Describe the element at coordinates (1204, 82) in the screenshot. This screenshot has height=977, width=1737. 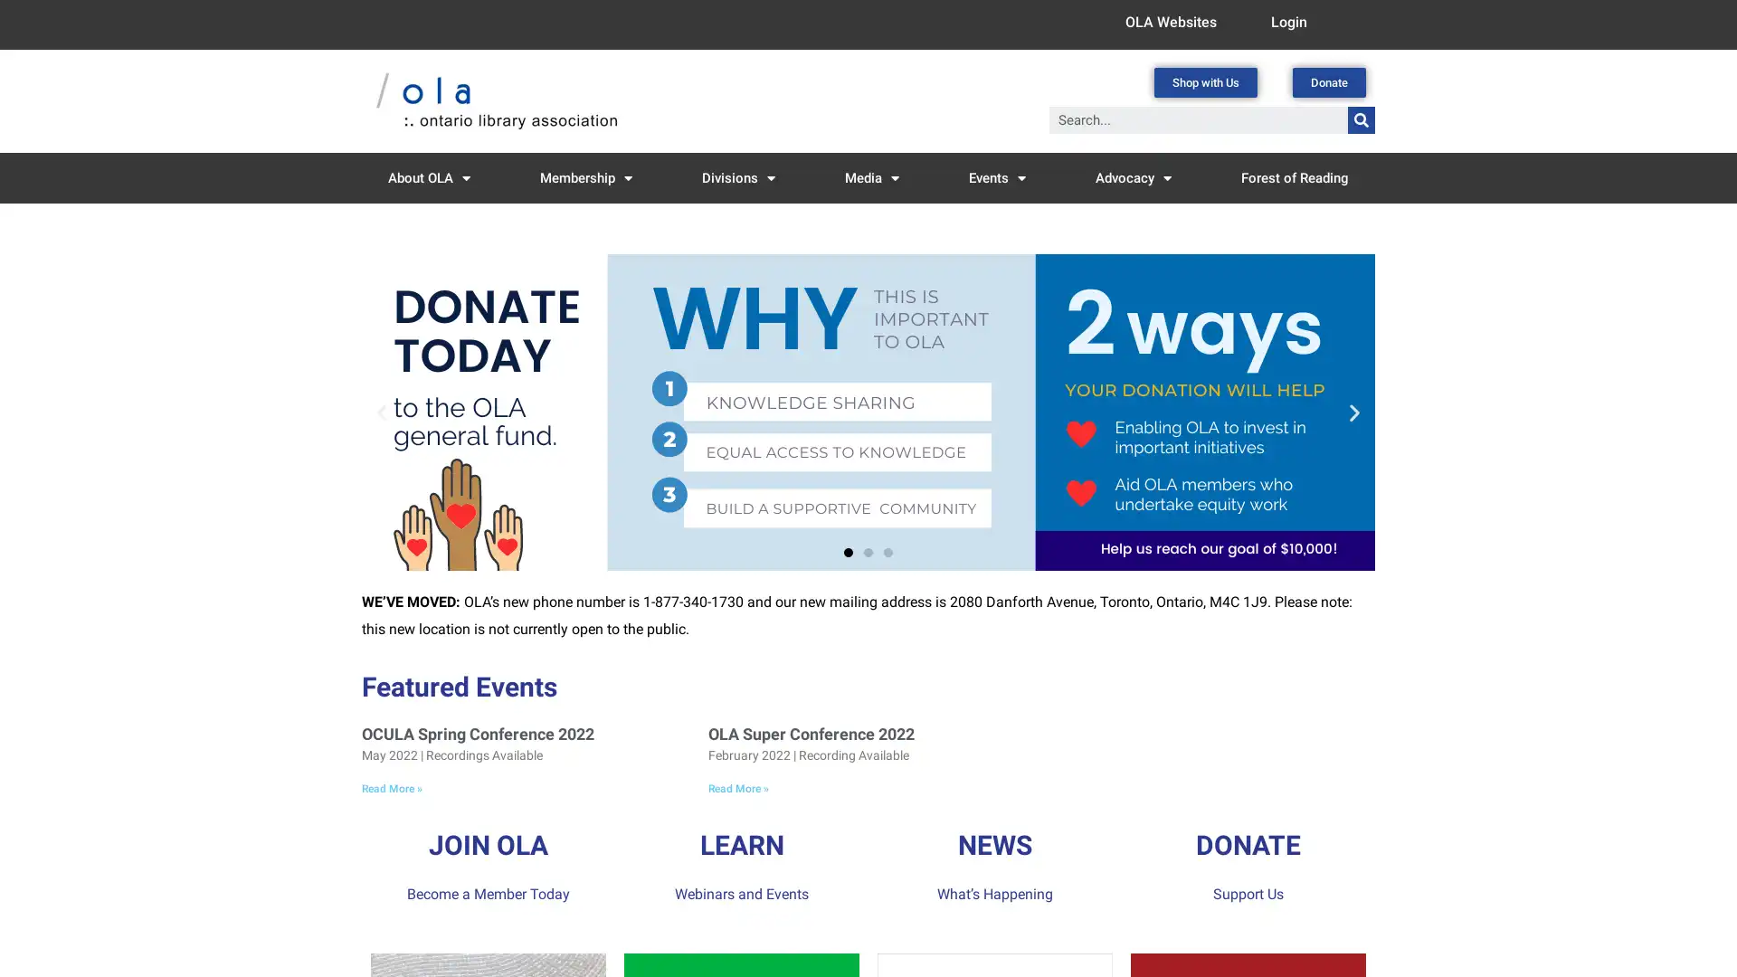
I see `Shop with Us` at that location.